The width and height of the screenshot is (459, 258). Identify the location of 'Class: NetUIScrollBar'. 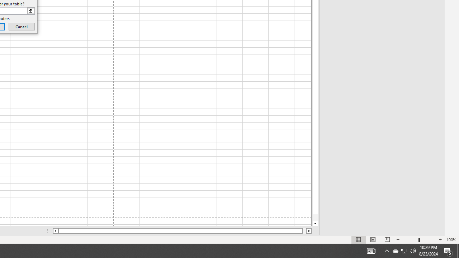
(182, 231).